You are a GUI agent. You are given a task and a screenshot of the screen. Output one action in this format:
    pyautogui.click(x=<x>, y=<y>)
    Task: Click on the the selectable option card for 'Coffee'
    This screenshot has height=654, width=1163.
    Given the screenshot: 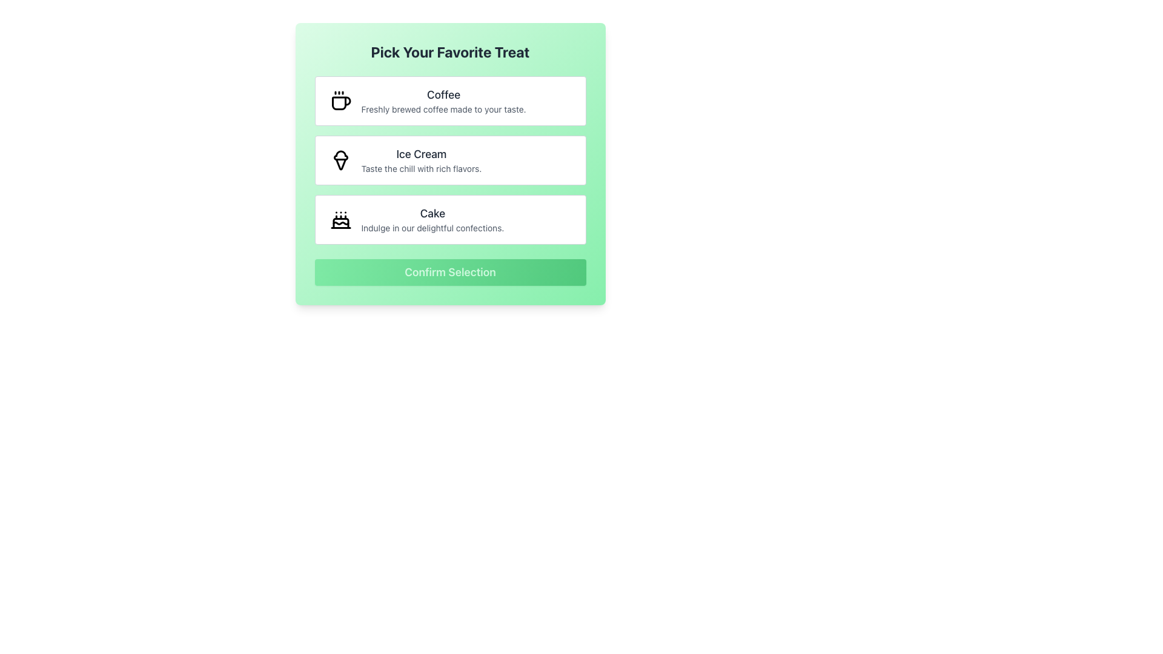 What is the action you would take?
    pyautogui.click(x=449, y=100)
    